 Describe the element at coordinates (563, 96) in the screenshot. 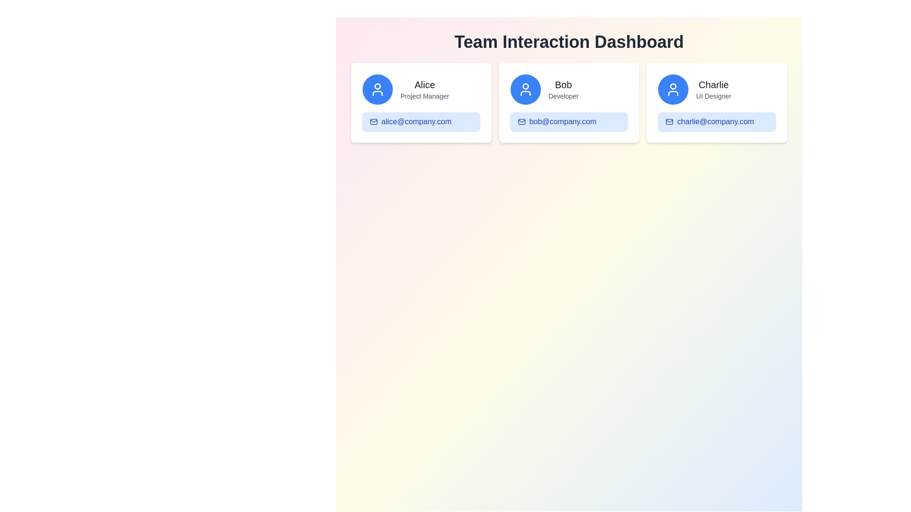

I see `the text label that reads 'Developer', which is styled with a small font and gray color, located beneath the name 'Bob' in the card interface` at that location.